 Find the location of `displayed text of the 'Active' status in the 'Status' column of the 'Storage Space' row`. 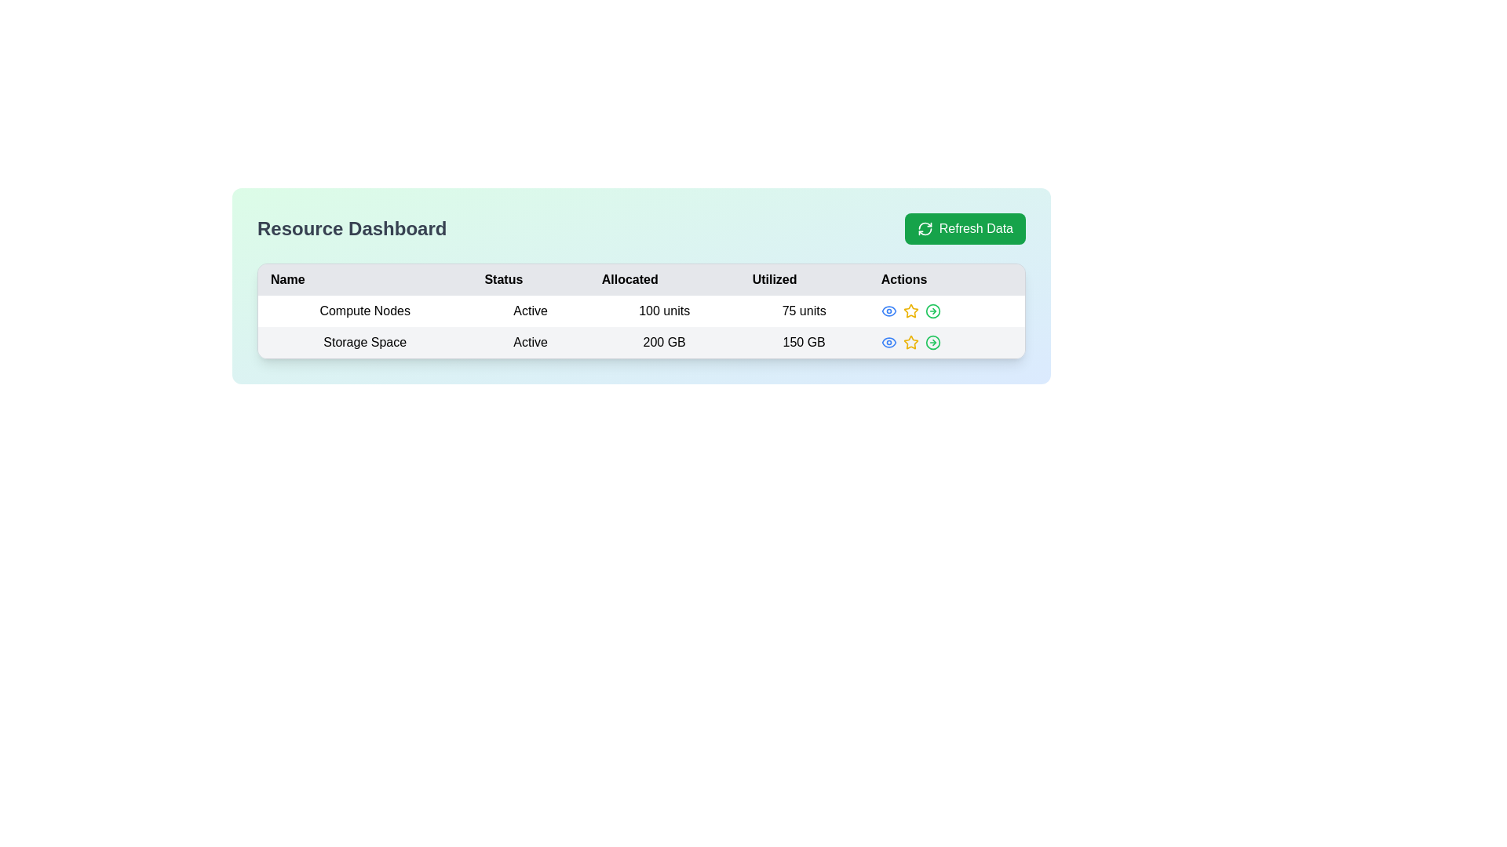

displayed text of the 'Active' status in the 'Status' column of the 'Storage Space' row is located at coordinates (531, 341).